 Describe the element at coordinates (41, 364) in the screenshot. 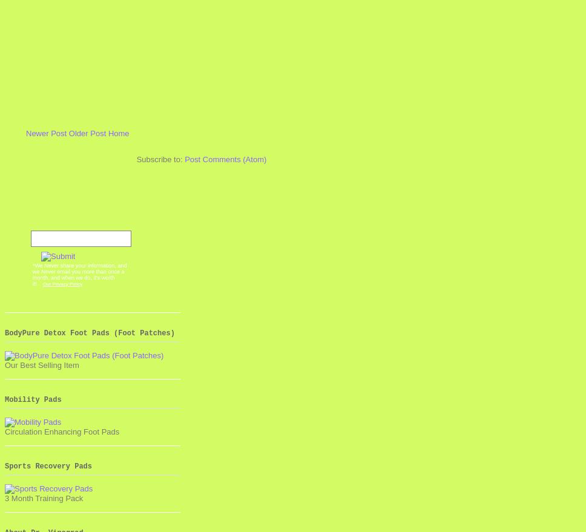

I see `'Our Best Selling Item'` at that location.